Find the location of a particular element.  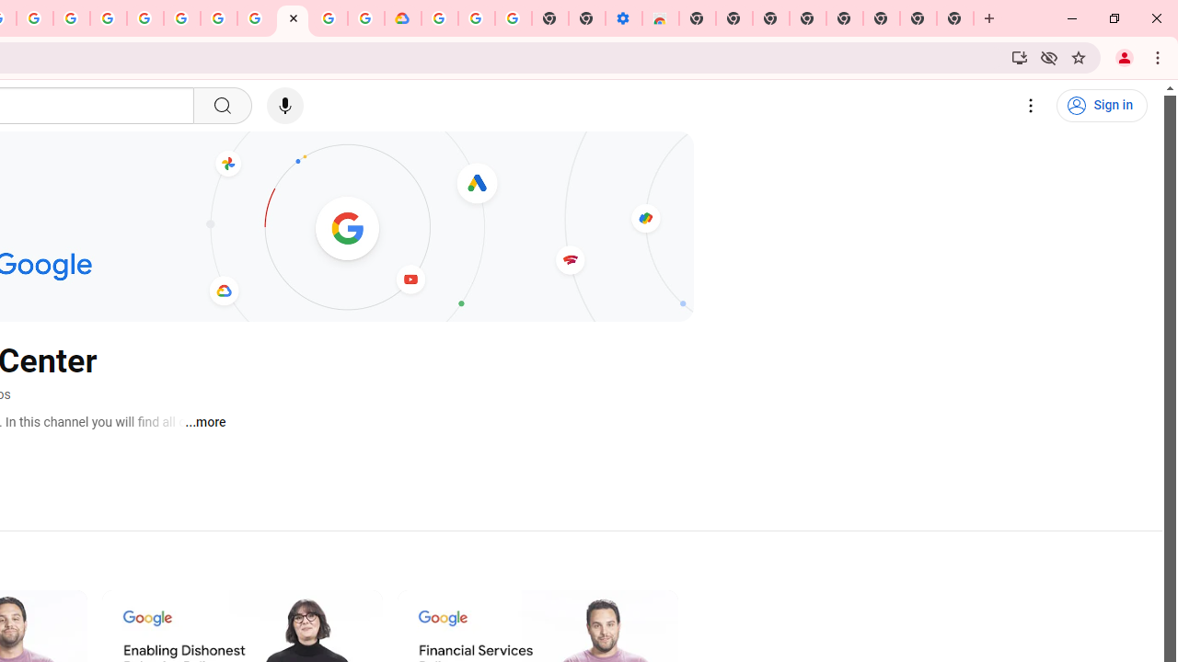

'Create your Google Account' is located at coordinates (34, 18).